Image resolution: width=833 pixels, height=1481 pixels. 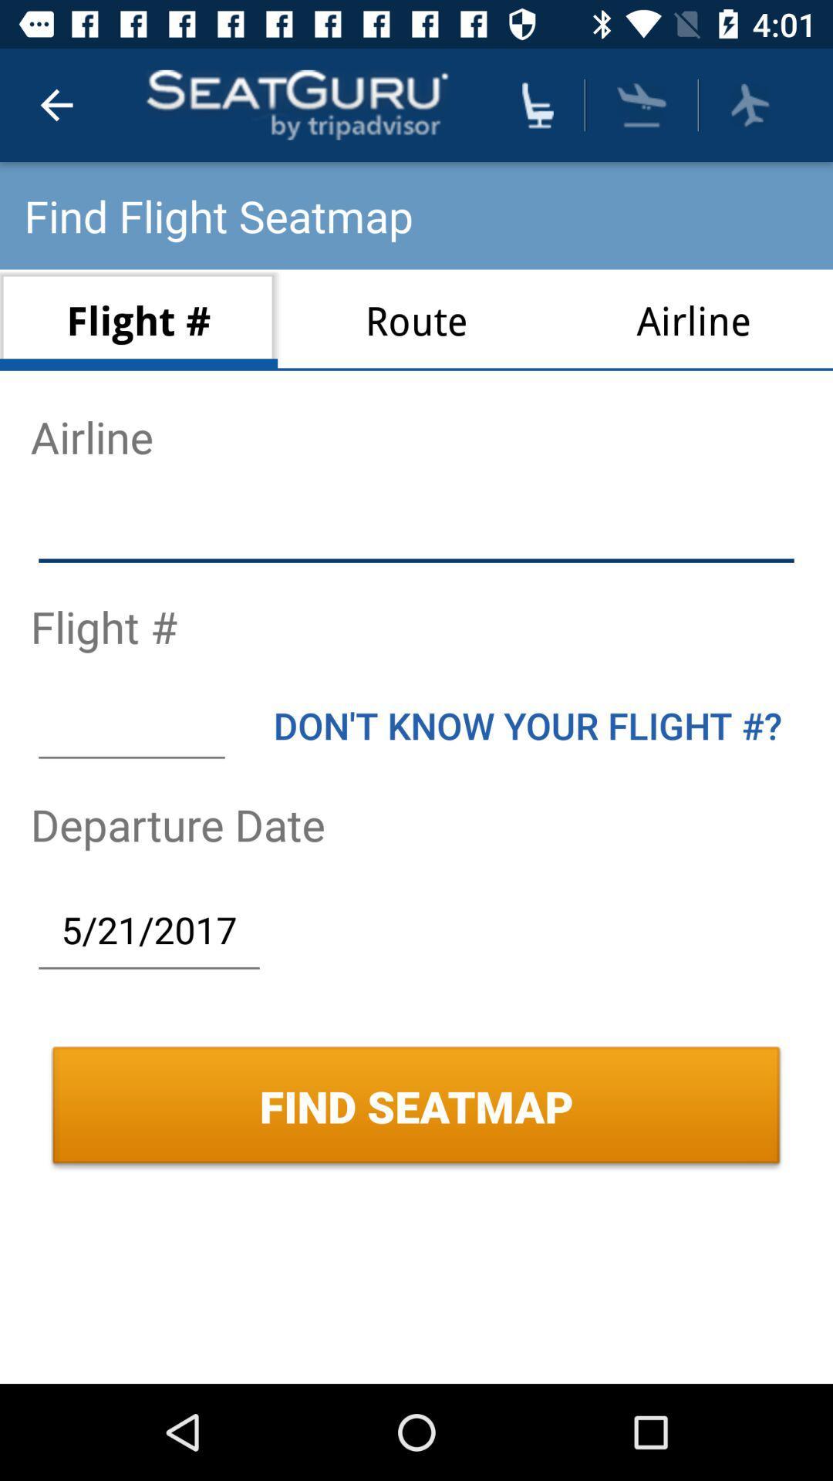 I want to click on air borne, so click(x=642, y=104).